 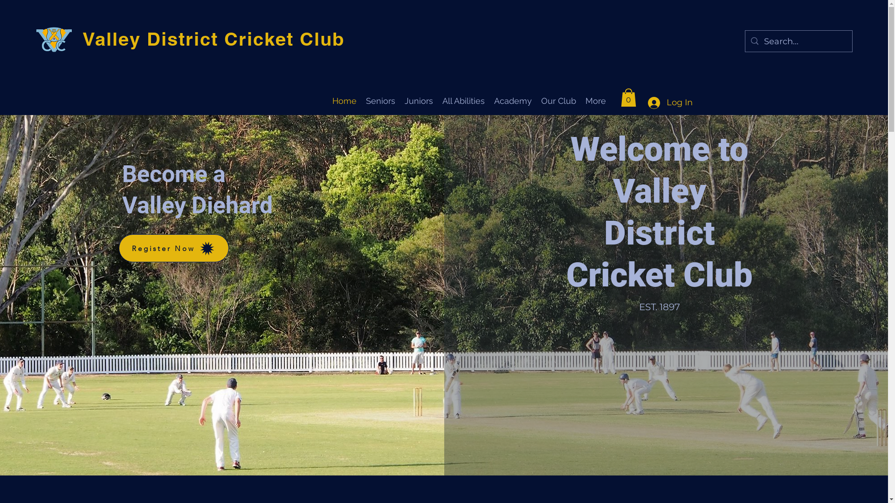 I want to click on 'Log In', so click(x=667, y=102).